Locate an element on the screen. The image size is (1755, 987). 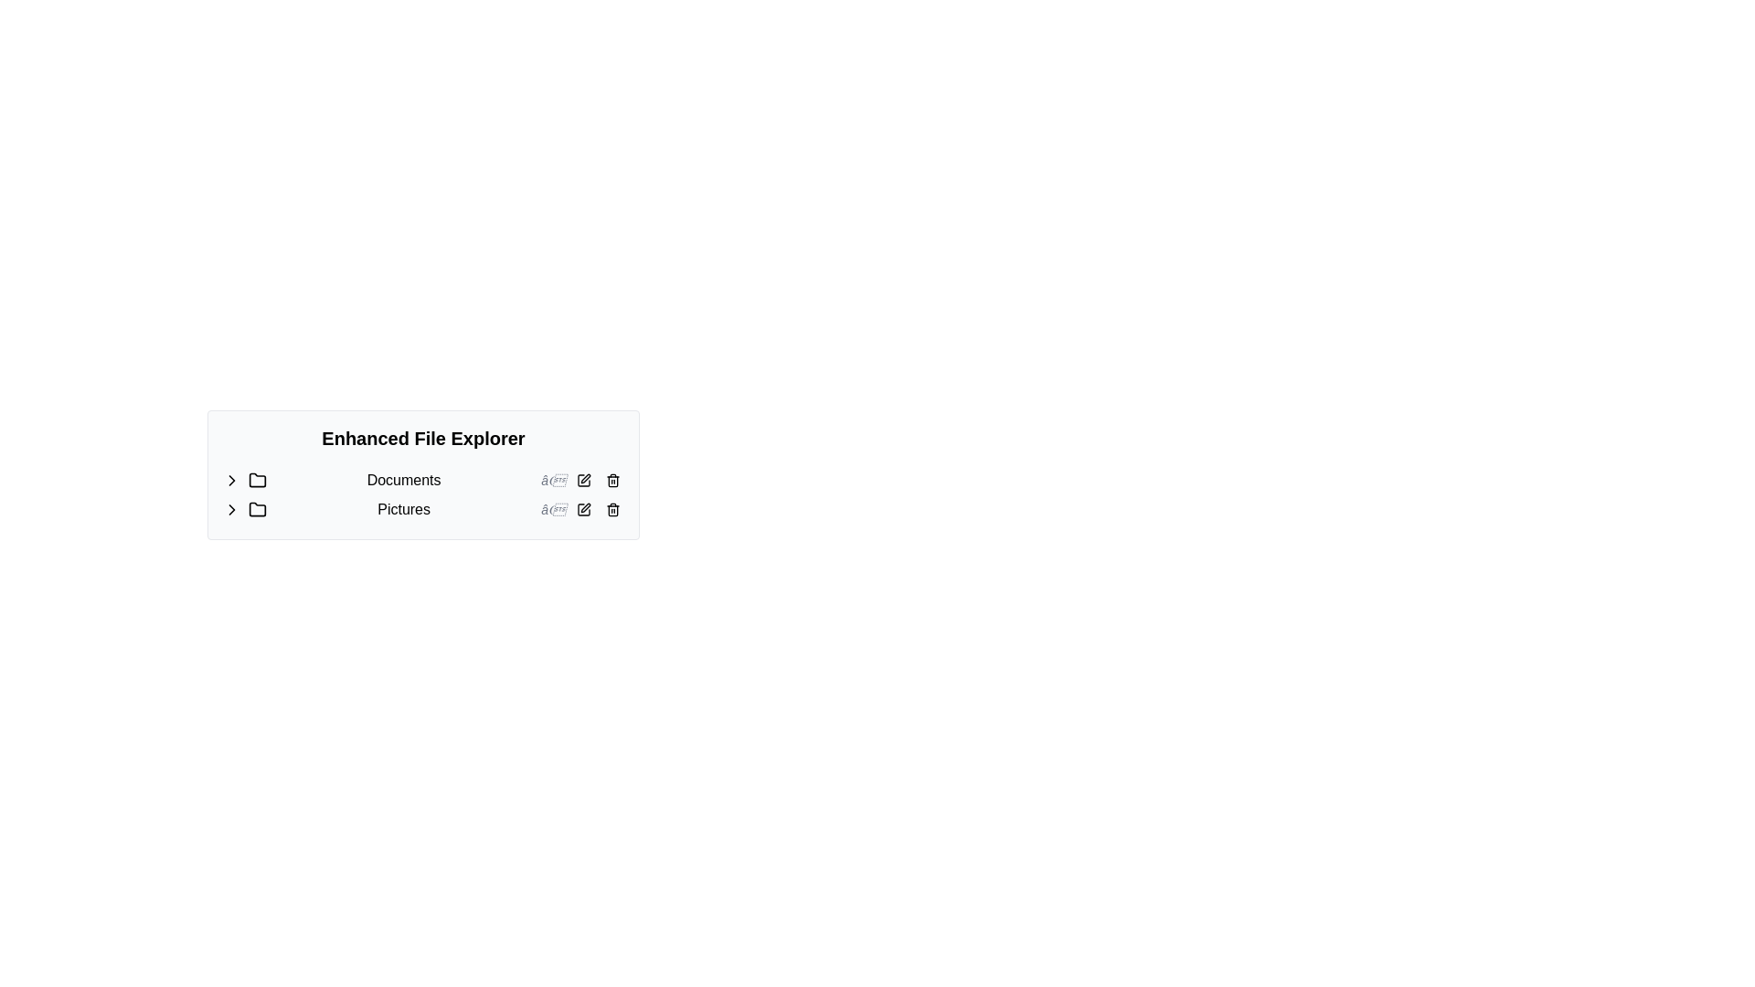
the trash bin icon button at the far right end of the 'Documents' entry is located at coordinates (613, 479).